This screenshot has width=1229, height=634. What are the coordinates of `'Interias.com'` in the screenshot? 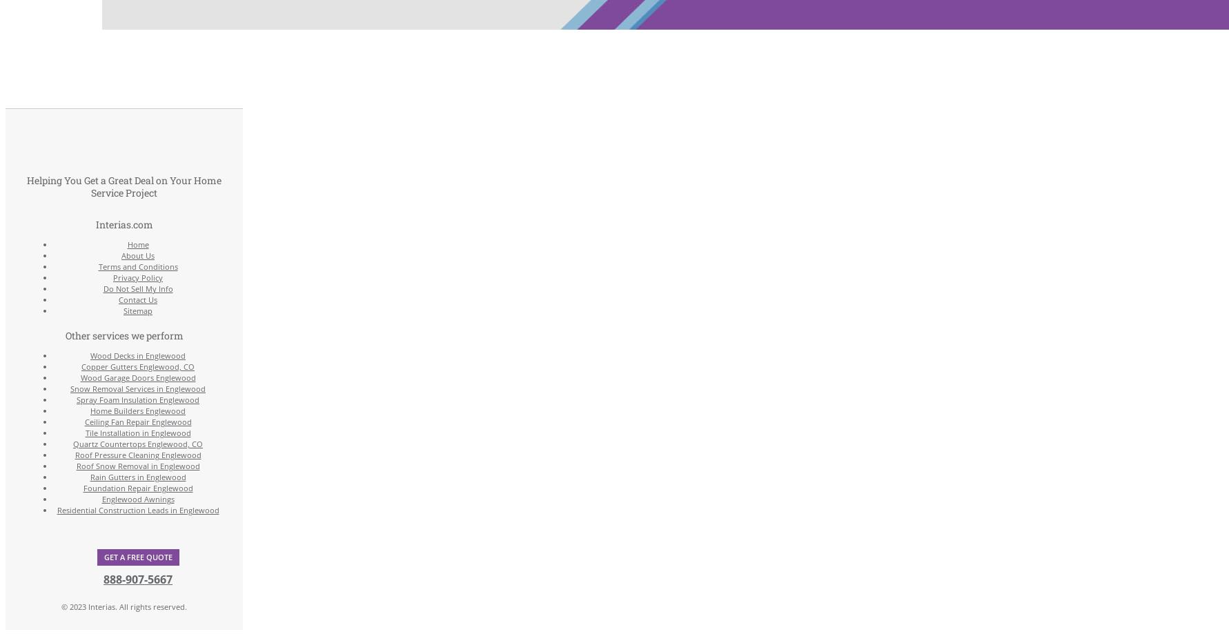 It's located at (95, 224).